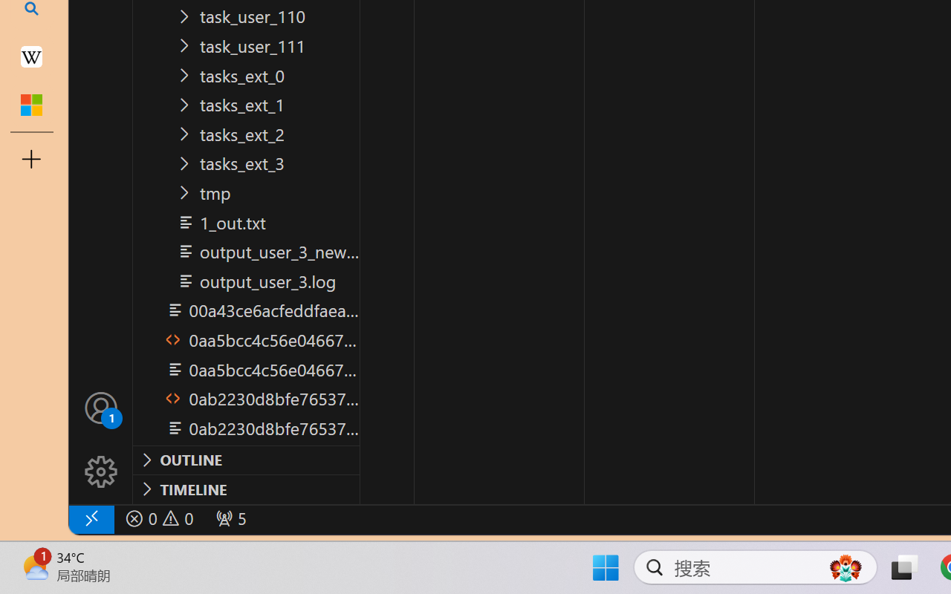 The width and height of the screenshot is (951, 594). Describe the element at coordinates (246, 488) in the screenshot. I see `'Timeline Section'` at that location.